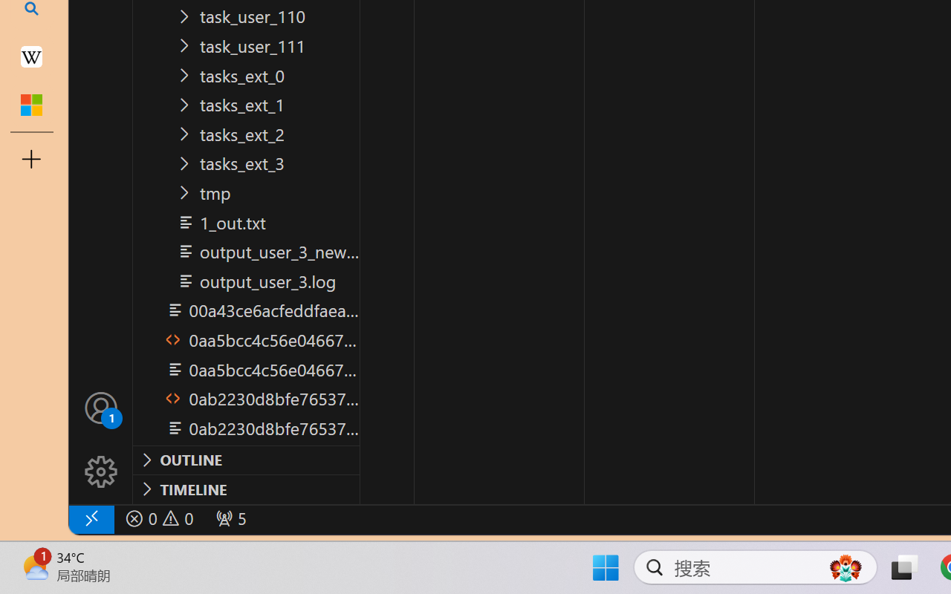 The width and height of the screenshot is (951, 594). Describe the element at coordinates (246, 488) in the screenshot. I see `'Timeline Section'` at that location.